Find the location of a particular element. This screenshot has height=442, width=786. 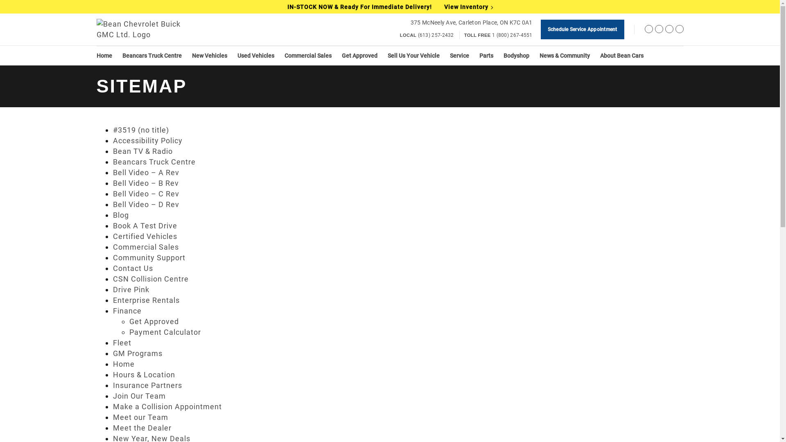

'GM Programs' is located at coordinates (138, 353).